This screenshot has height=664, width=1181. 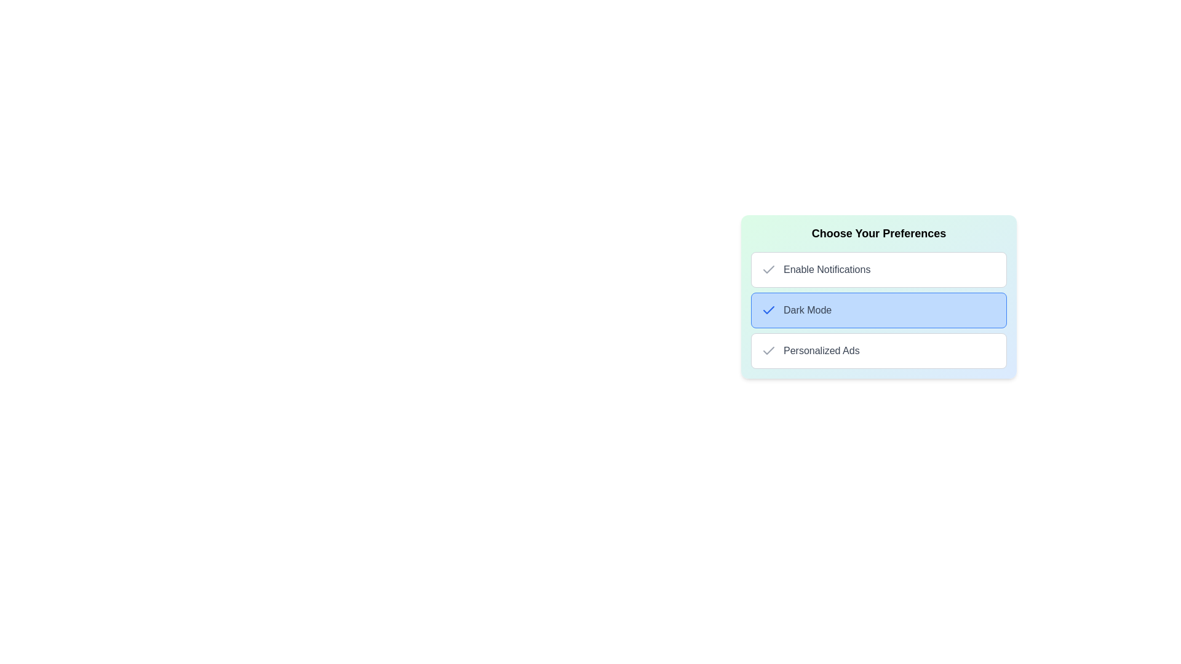 I want to click on the second option in the vertical list within the 'Choose Your Preferences' card, so click(x=878, y=296).